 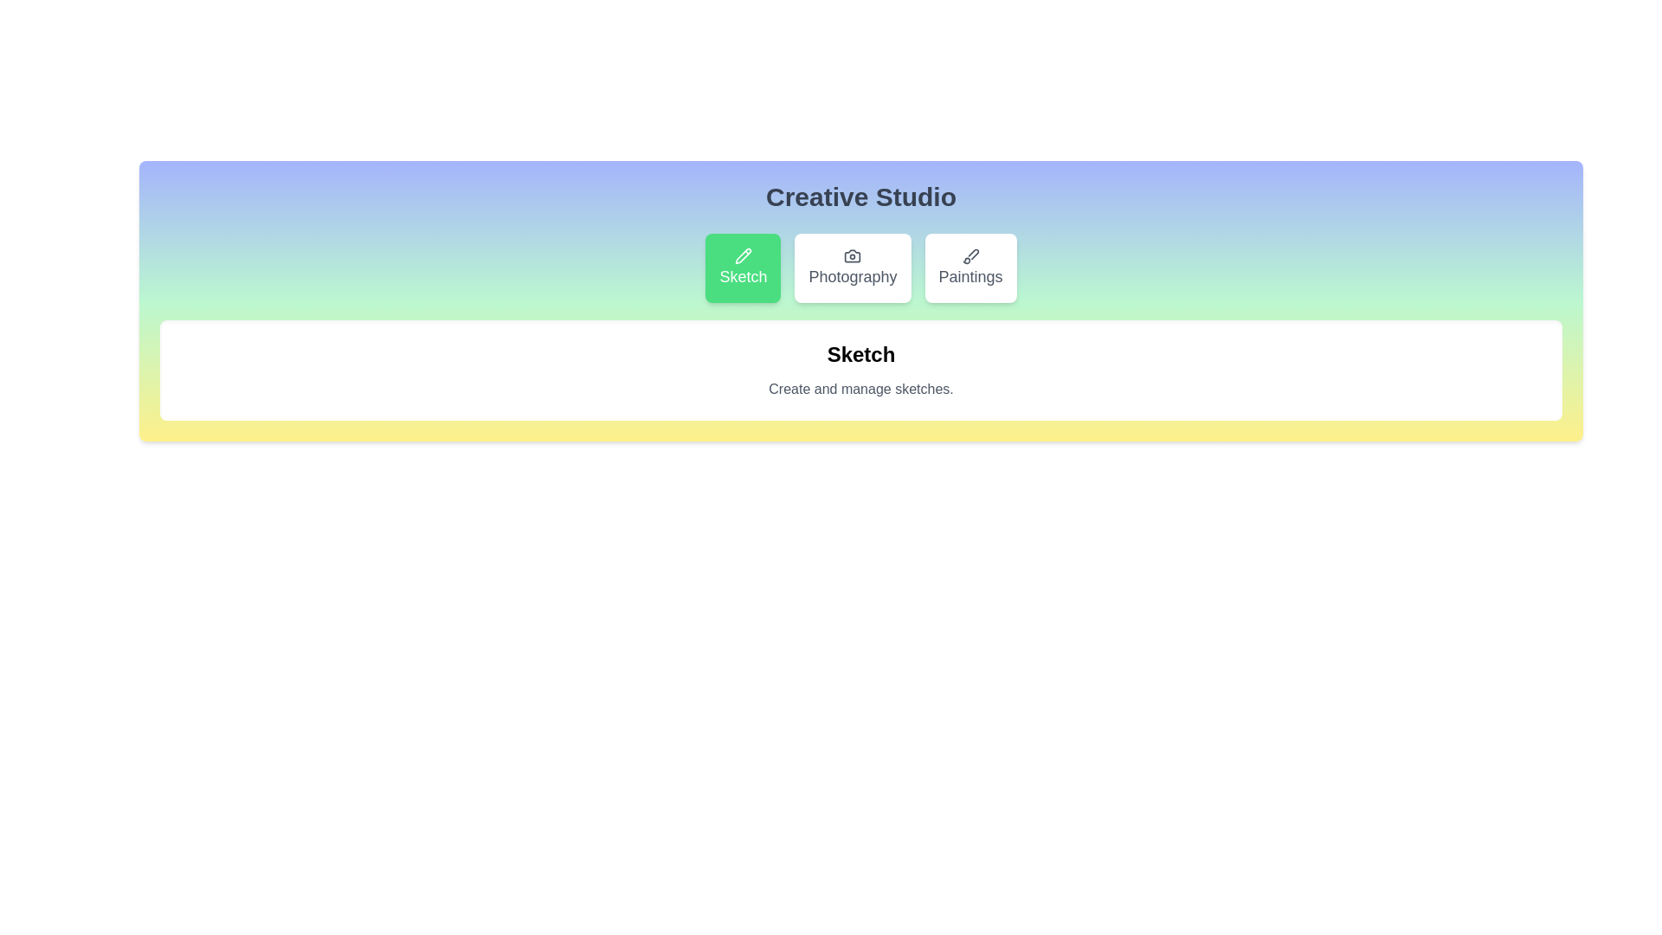 I want to click on the Sketch button to reveal its hover effect, so click(x=744, y=268).